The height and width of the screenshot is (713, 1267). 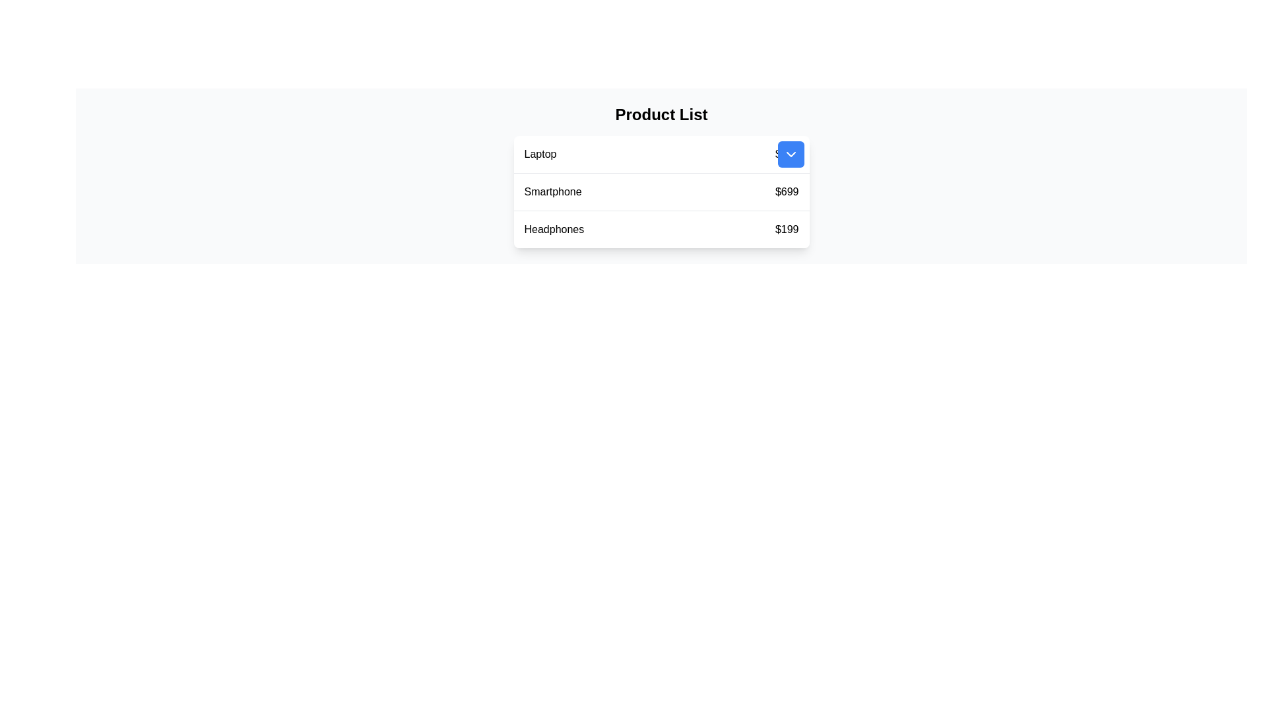 What do you see at coordinates (787, 191) in the screenshot?
I see `price information displayed in the text label for the product 'Smartphone' located in the second row of the product list interface, positioned to the far right of the 'Smartphone' label` at bounding box center [787, 191].